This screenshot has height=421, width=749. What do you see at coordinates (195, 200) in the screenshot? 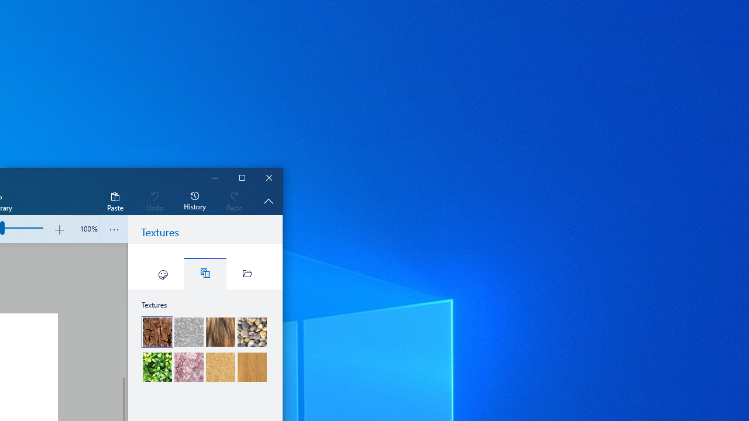
I see `'History'` at bounding box center [195, 200].